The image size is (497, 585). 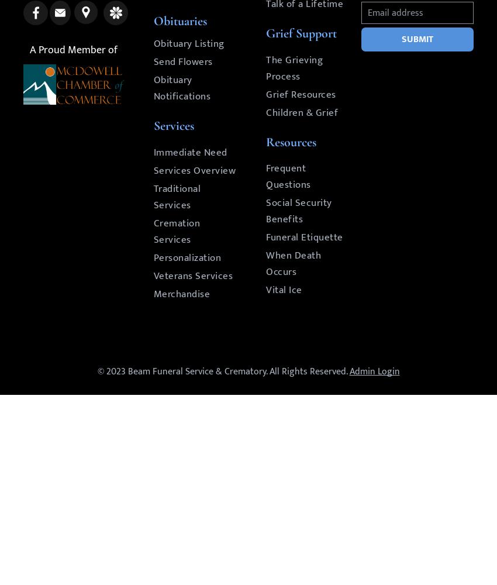 I want to click on 'A Proud Member of', so click(x=30, y=50).